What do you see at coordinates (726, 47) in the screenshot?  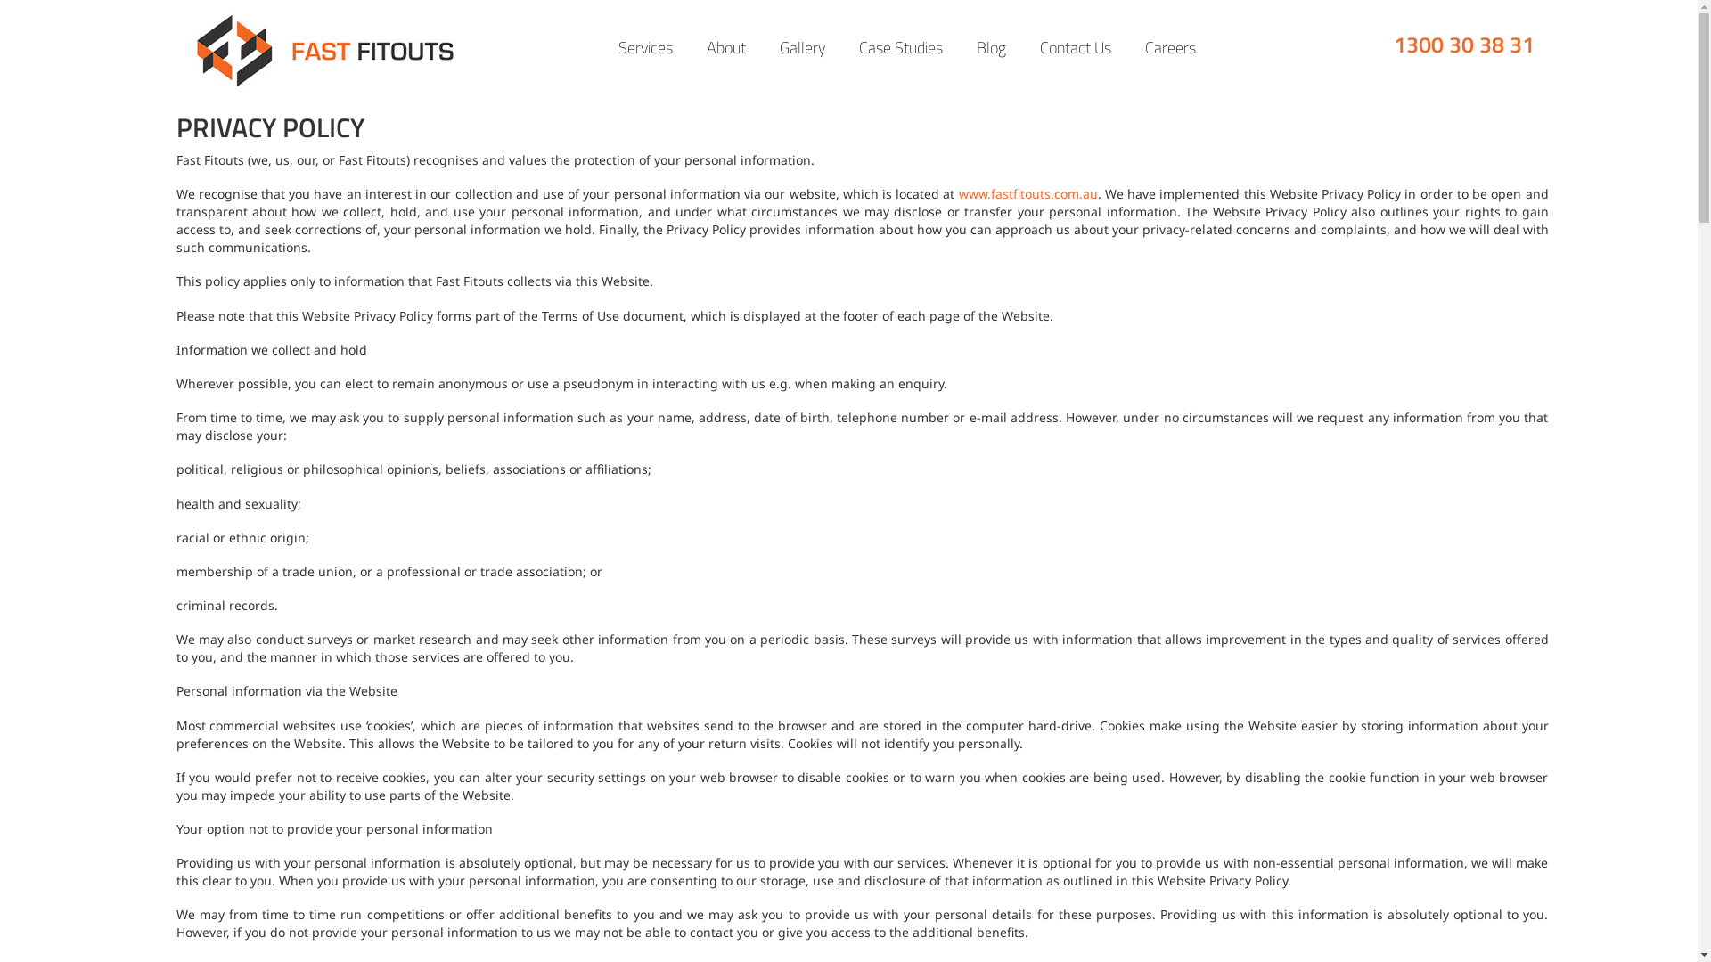 I see `'About'` at bounding box center [726, 47].